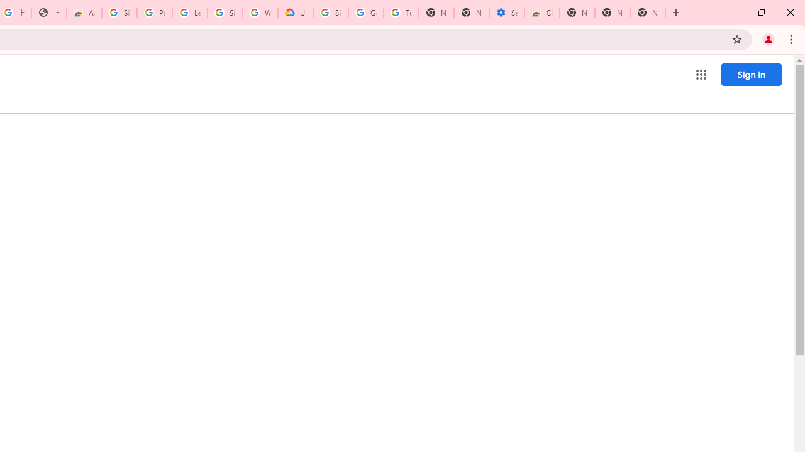 The height and width of the screenshot is (452, 805). What do you see at coordinates (542, 13) in the screenshot?
I see `'Chrome Web Store - Accessibility extensions'` at bounding box center [542, 13].